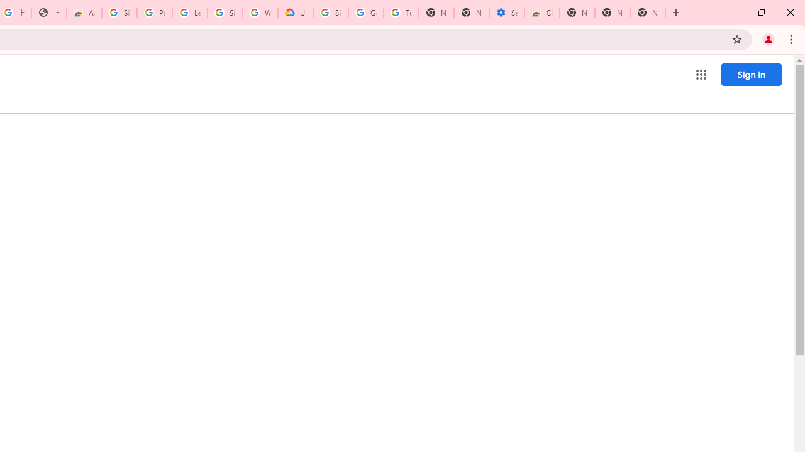 The height and width of the screenshot is (452, 805). What do you see at coordinates (542, 13) in the screenshot?
I see `'Chrome Web Store - Accessibility extensions'` at bounding box center [542, 13].